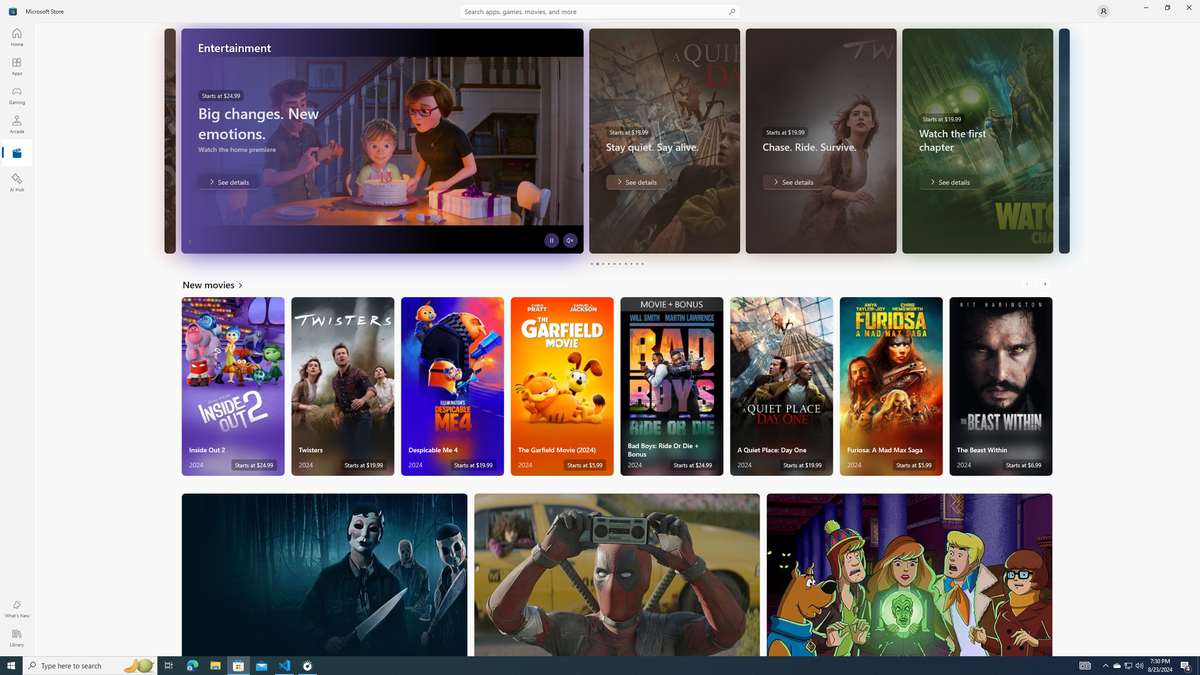 The height and width of the screenshot is (675, 1200). Describe the element at coordinates (1001, 386) in the screenshot. I see `'The Beast Within. Starts at $6.99  '` at that location.